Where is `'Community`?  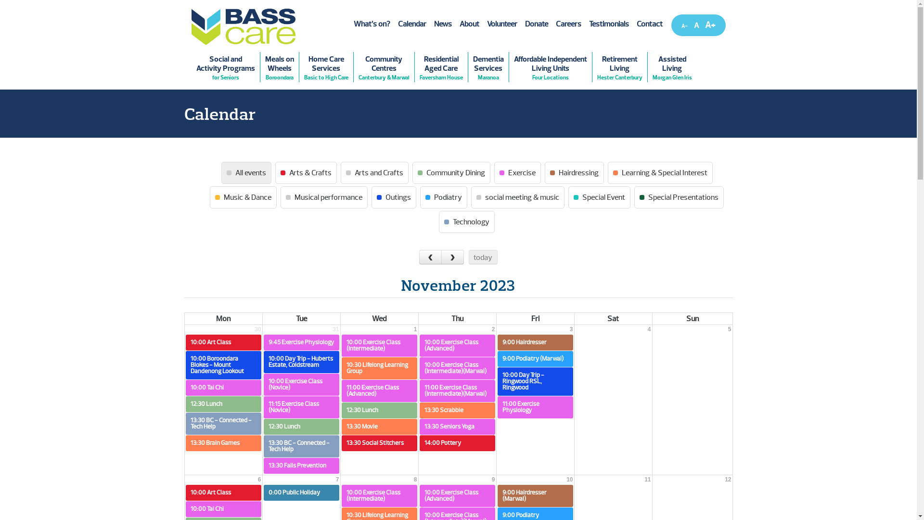
'Community is located at coordinates (383, 66).